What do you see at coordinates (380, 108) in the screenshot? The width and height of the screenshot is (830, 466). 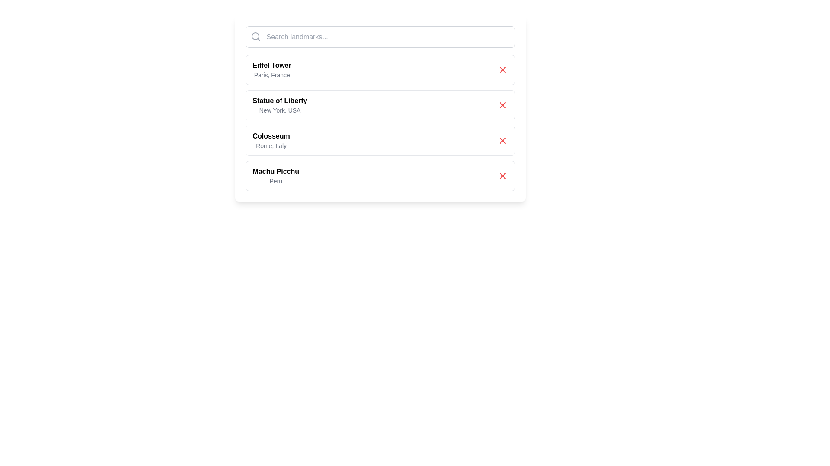 I see `the second entry in the vertical list representing the 'Statue of Liberty'` at bounding box center [380, 108].